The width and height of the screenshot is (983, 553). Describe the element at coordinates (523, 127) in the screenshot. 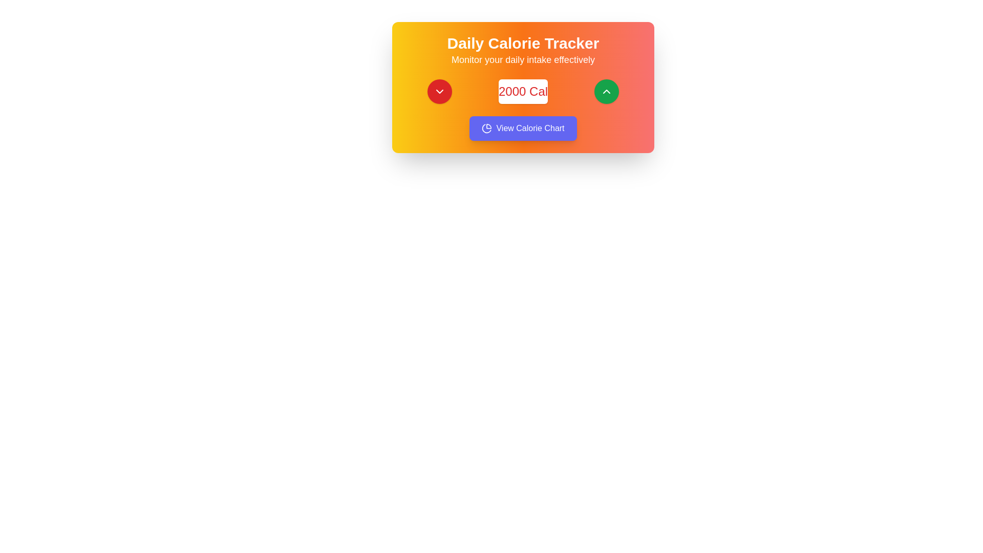

I see `the 'View Calorie Chart' button with a purple background, which is located at the bottom center of the 'Daily Calorie Tracker' card` at that location.